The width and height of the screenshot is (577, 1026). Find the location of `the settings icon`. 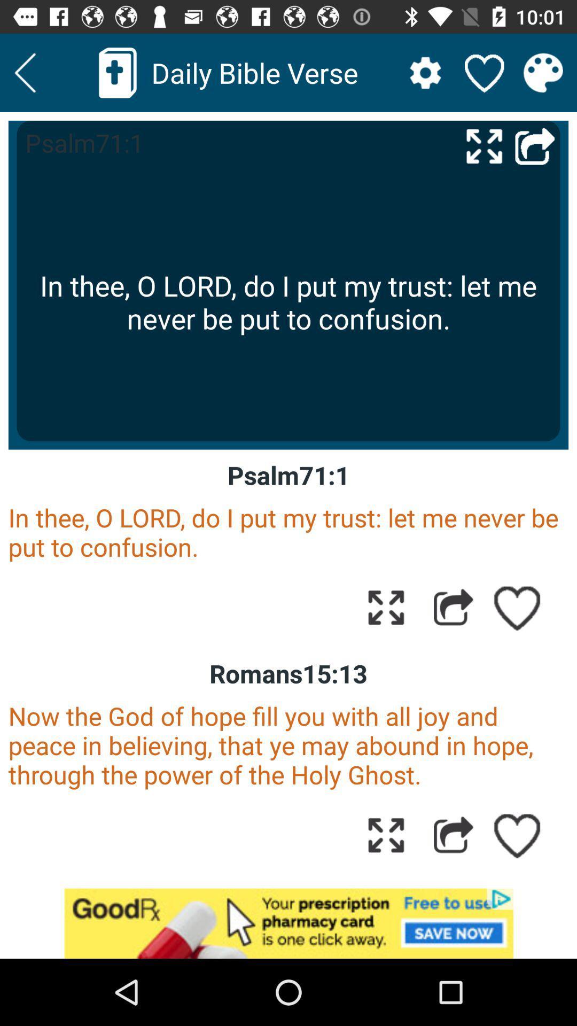

the settings icon is located at coordinates (425, 72).